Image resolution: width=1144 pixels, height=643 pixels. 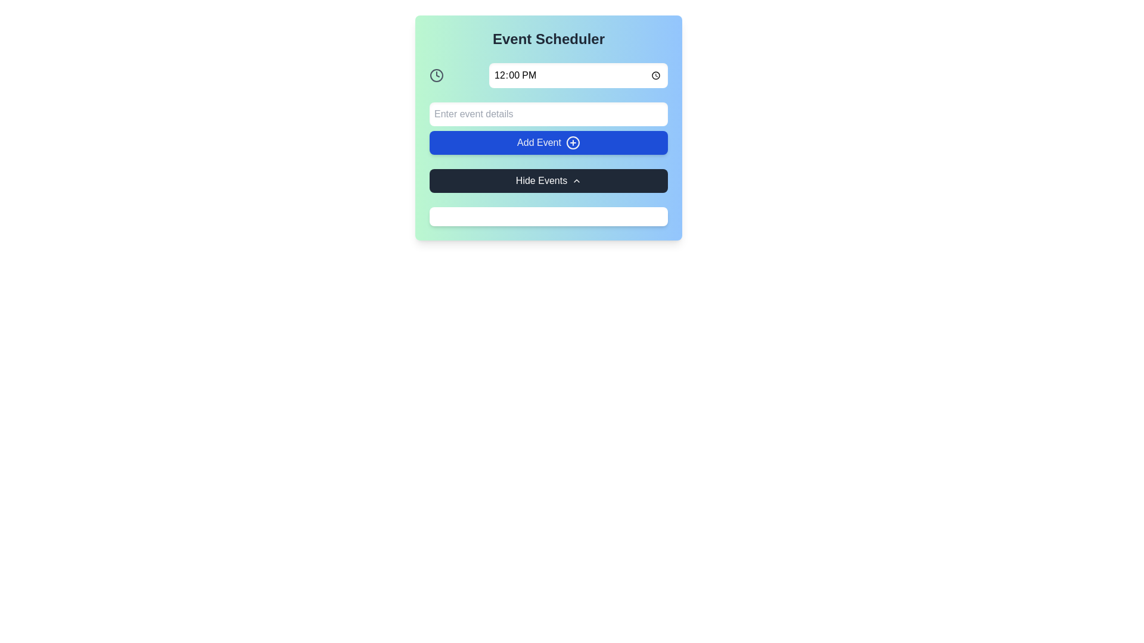 What do you see at coordinates (548, 129) in the screenshot?
I see `the 'Add Event' button, which is a clickable button labeled 'Add Event' with a small plus icon on the right side, positioned on a blue background, located below an input field with placeholder text 'Enter event details'` at bounding box center [548, 129].